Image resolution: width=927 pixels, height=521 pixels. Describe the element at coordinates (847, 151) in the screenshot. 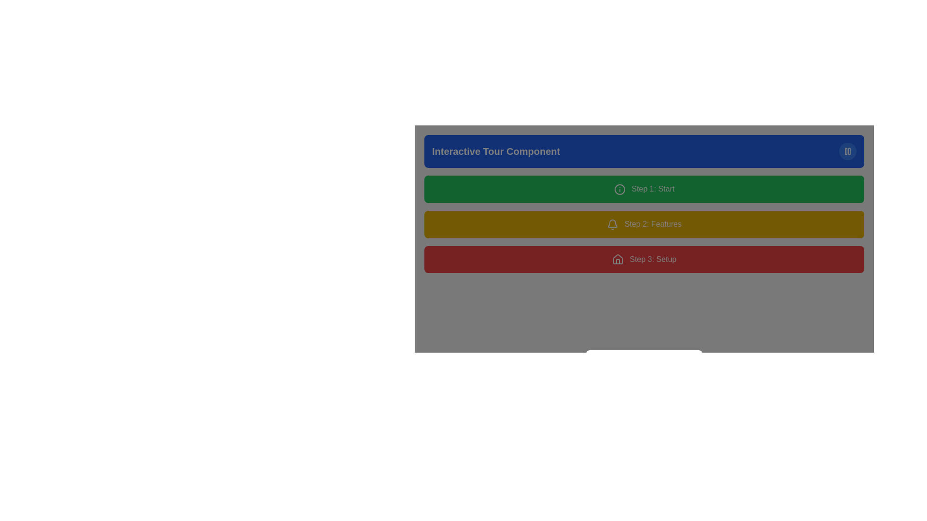

I see `the pause control button located at the top-right corner of the blue rectangular header for the 'Interactive Tour Component' to change its appearance` at that location.